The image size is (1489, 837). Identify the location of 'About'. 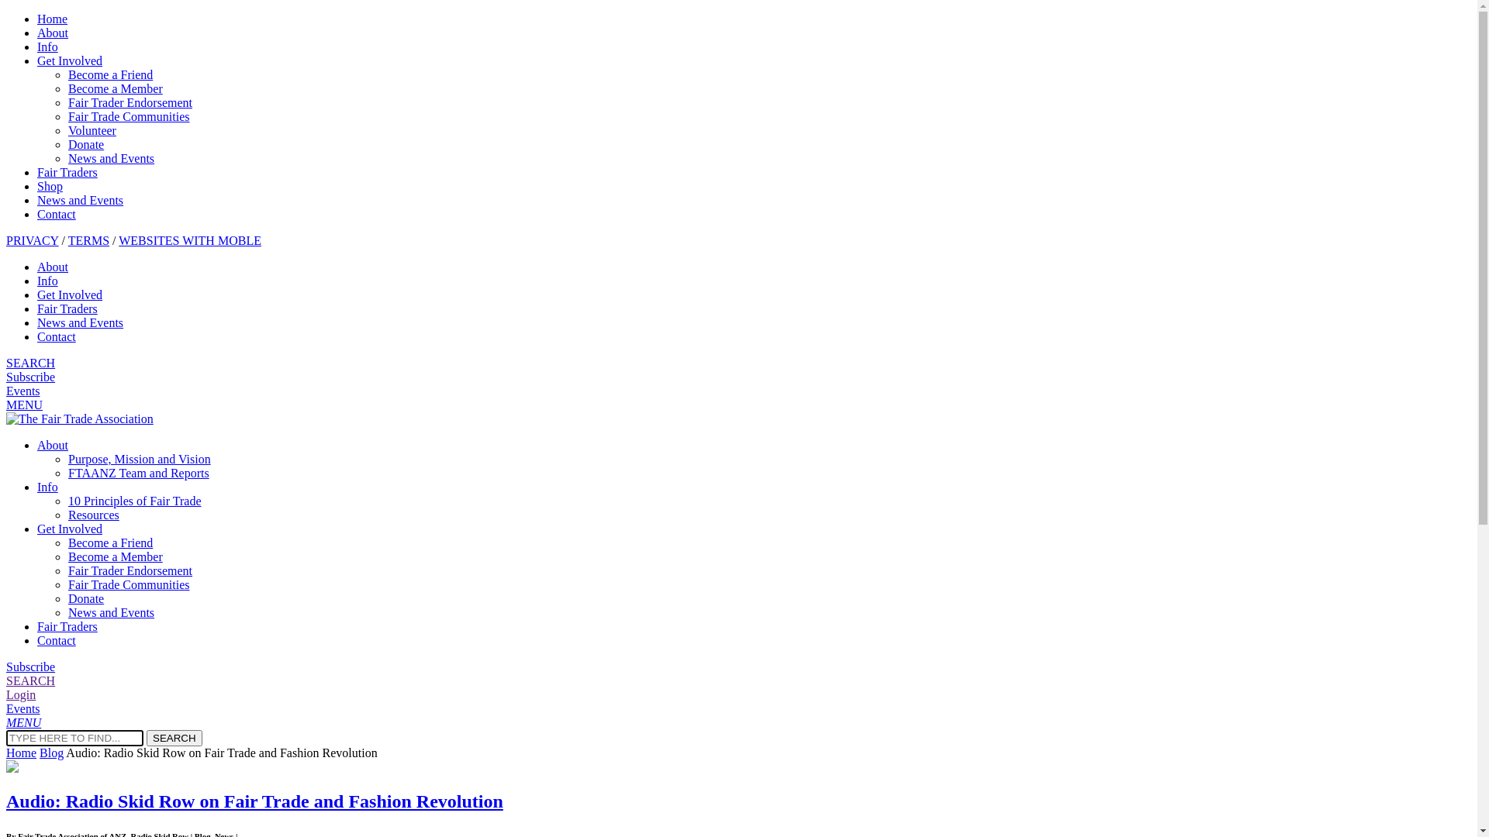
(52, 445).